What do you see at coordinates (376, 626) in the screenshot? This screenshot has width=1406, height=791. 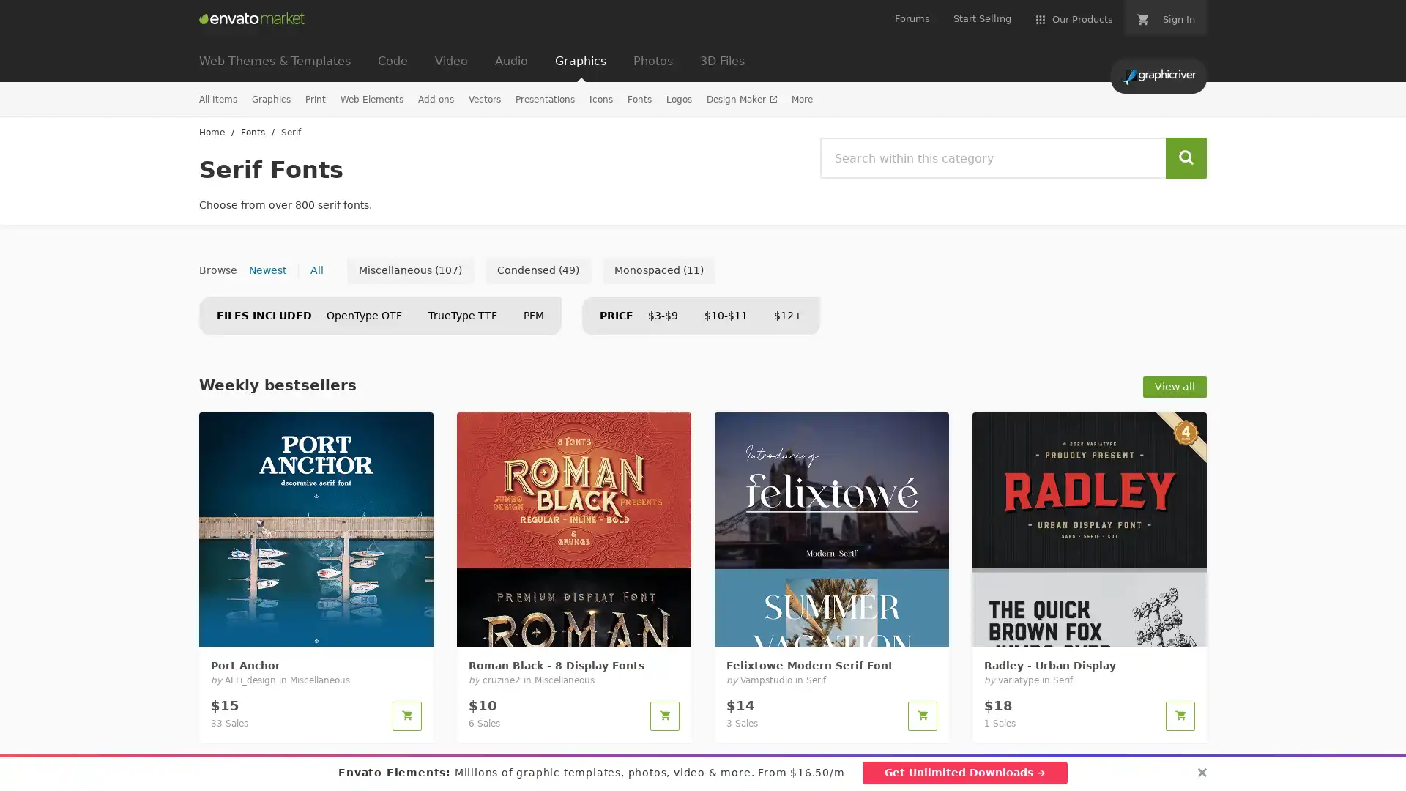 I see `Add to collection` at bounding box center [376, 626].